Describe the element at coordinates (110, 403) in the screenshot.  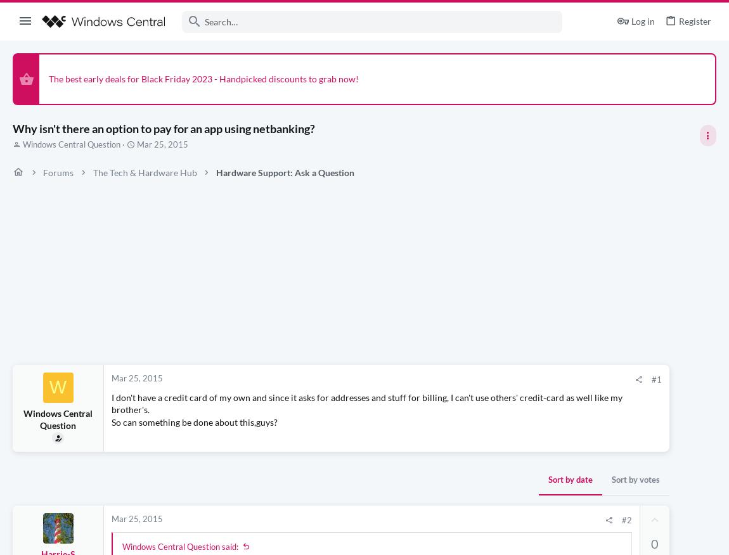
I see `'I don't have a credit card of my own and since it asks for addresses and stuff for billing, I can't use others' credit-card as well like my brother's.'` at that location.